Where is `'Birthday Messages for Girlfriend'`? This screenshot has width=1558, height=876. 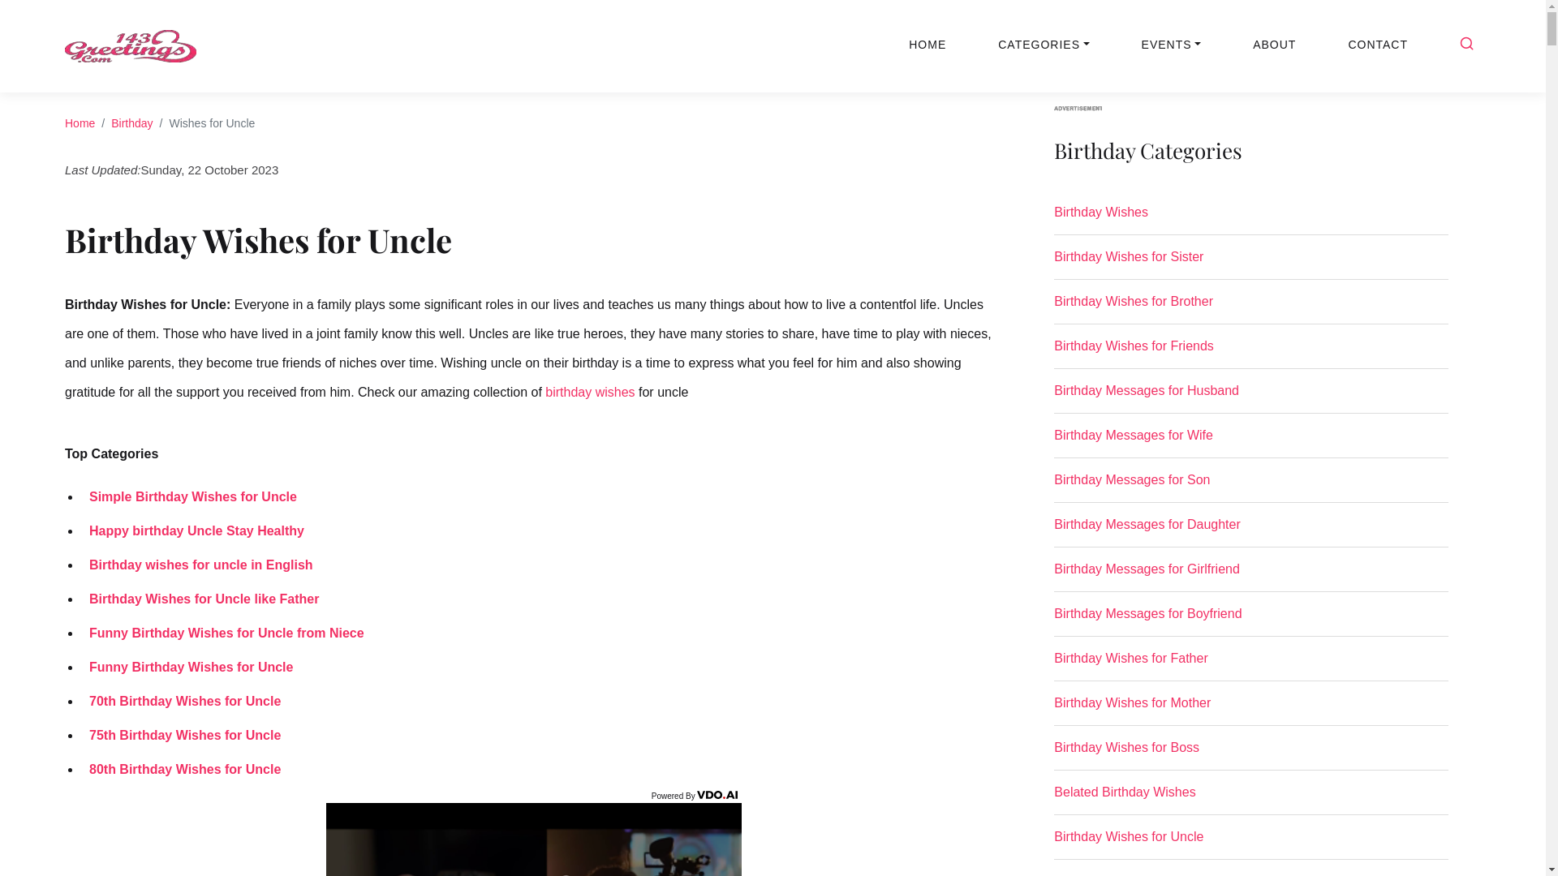
'Birthday Messages for Girlfriend' is located at coordinates (1250, 574).